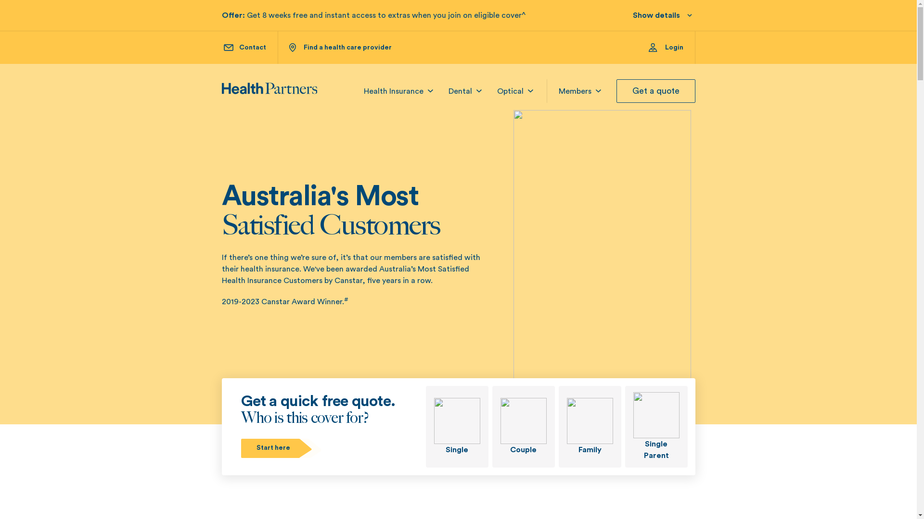 The width and height of the screenshot is (924, 519). I want to click on 'Optical', so click(509, 91).